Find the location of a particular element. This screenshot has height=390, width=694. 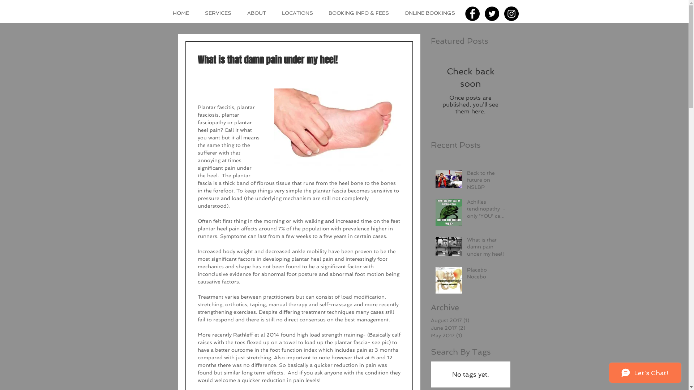

'HOME' is located at coordinates (166, 13).